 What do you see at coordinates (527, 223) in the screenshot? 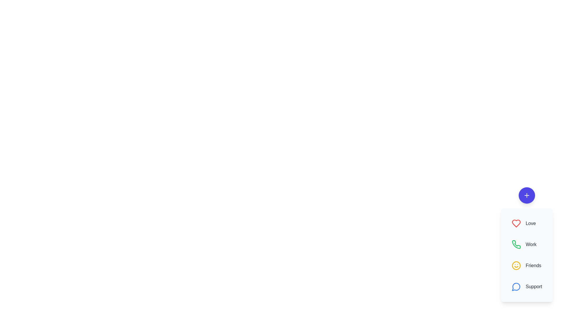
I see `the Love button in the speed dial menu` at bounding box center [527, 223].